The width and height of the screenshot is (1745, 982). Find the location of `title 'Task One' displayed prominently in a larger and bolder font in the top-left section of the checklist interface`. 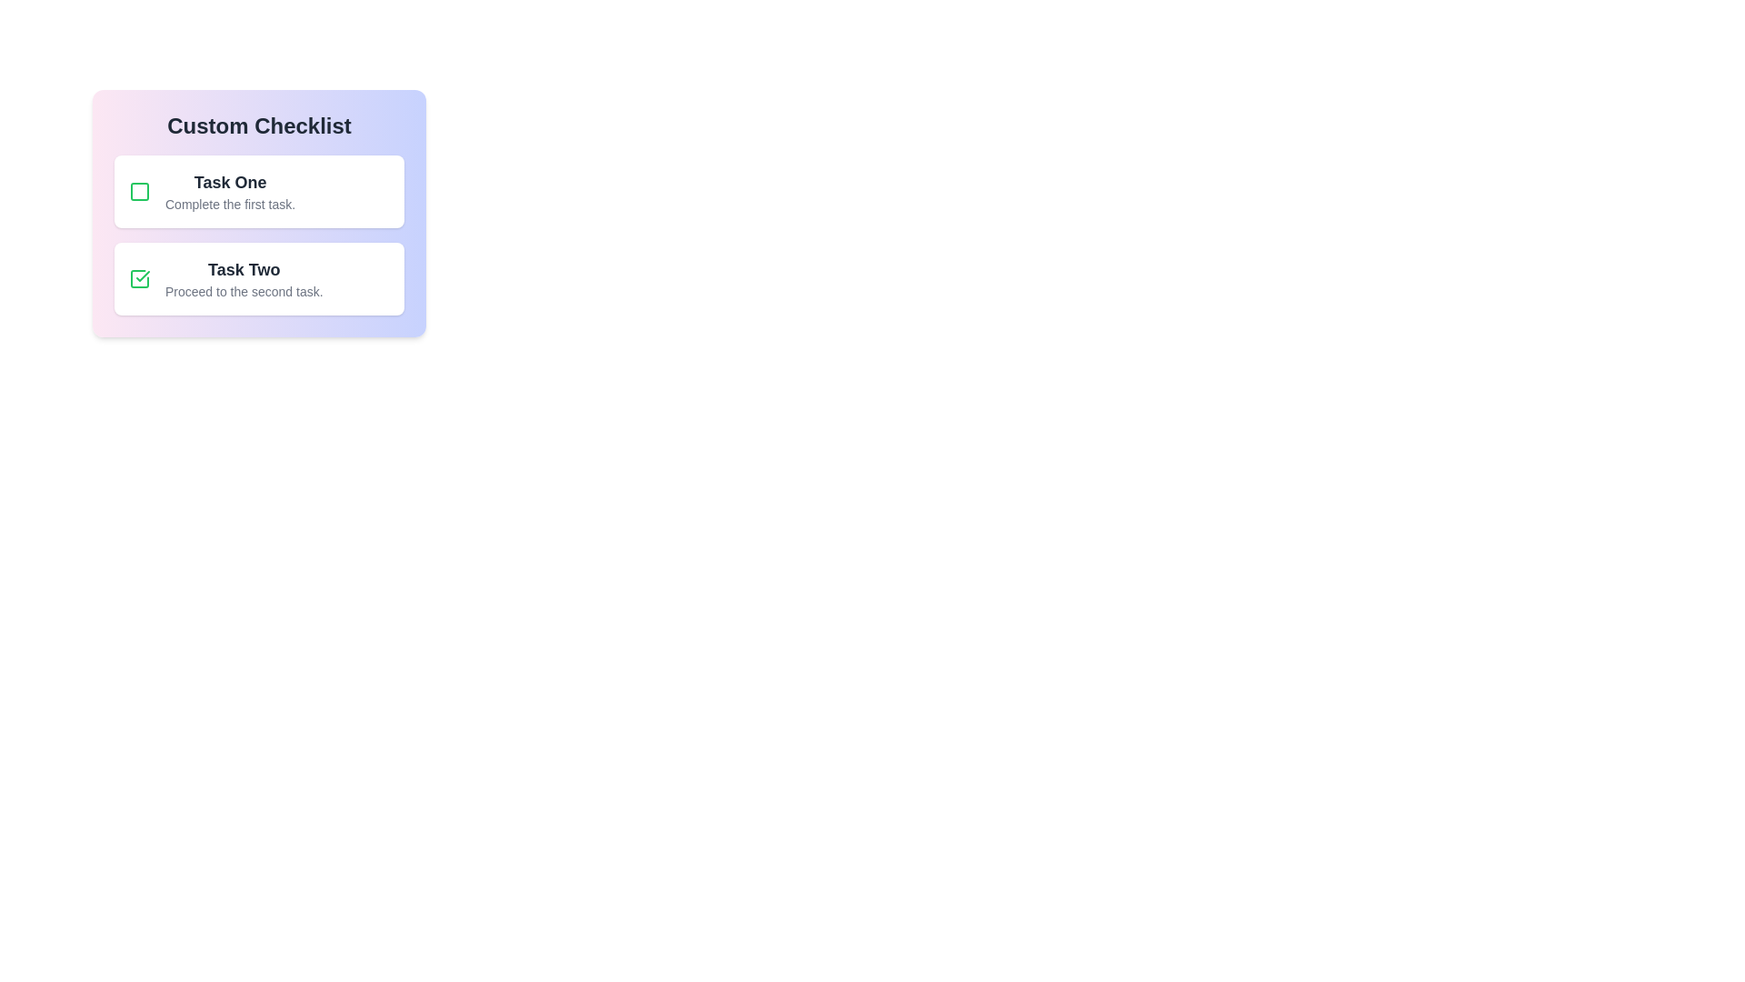

title 'Task One' displayed prominently in a larger and bolder font in the top-left section of the checklist interface is located at coordinates (229, 182).